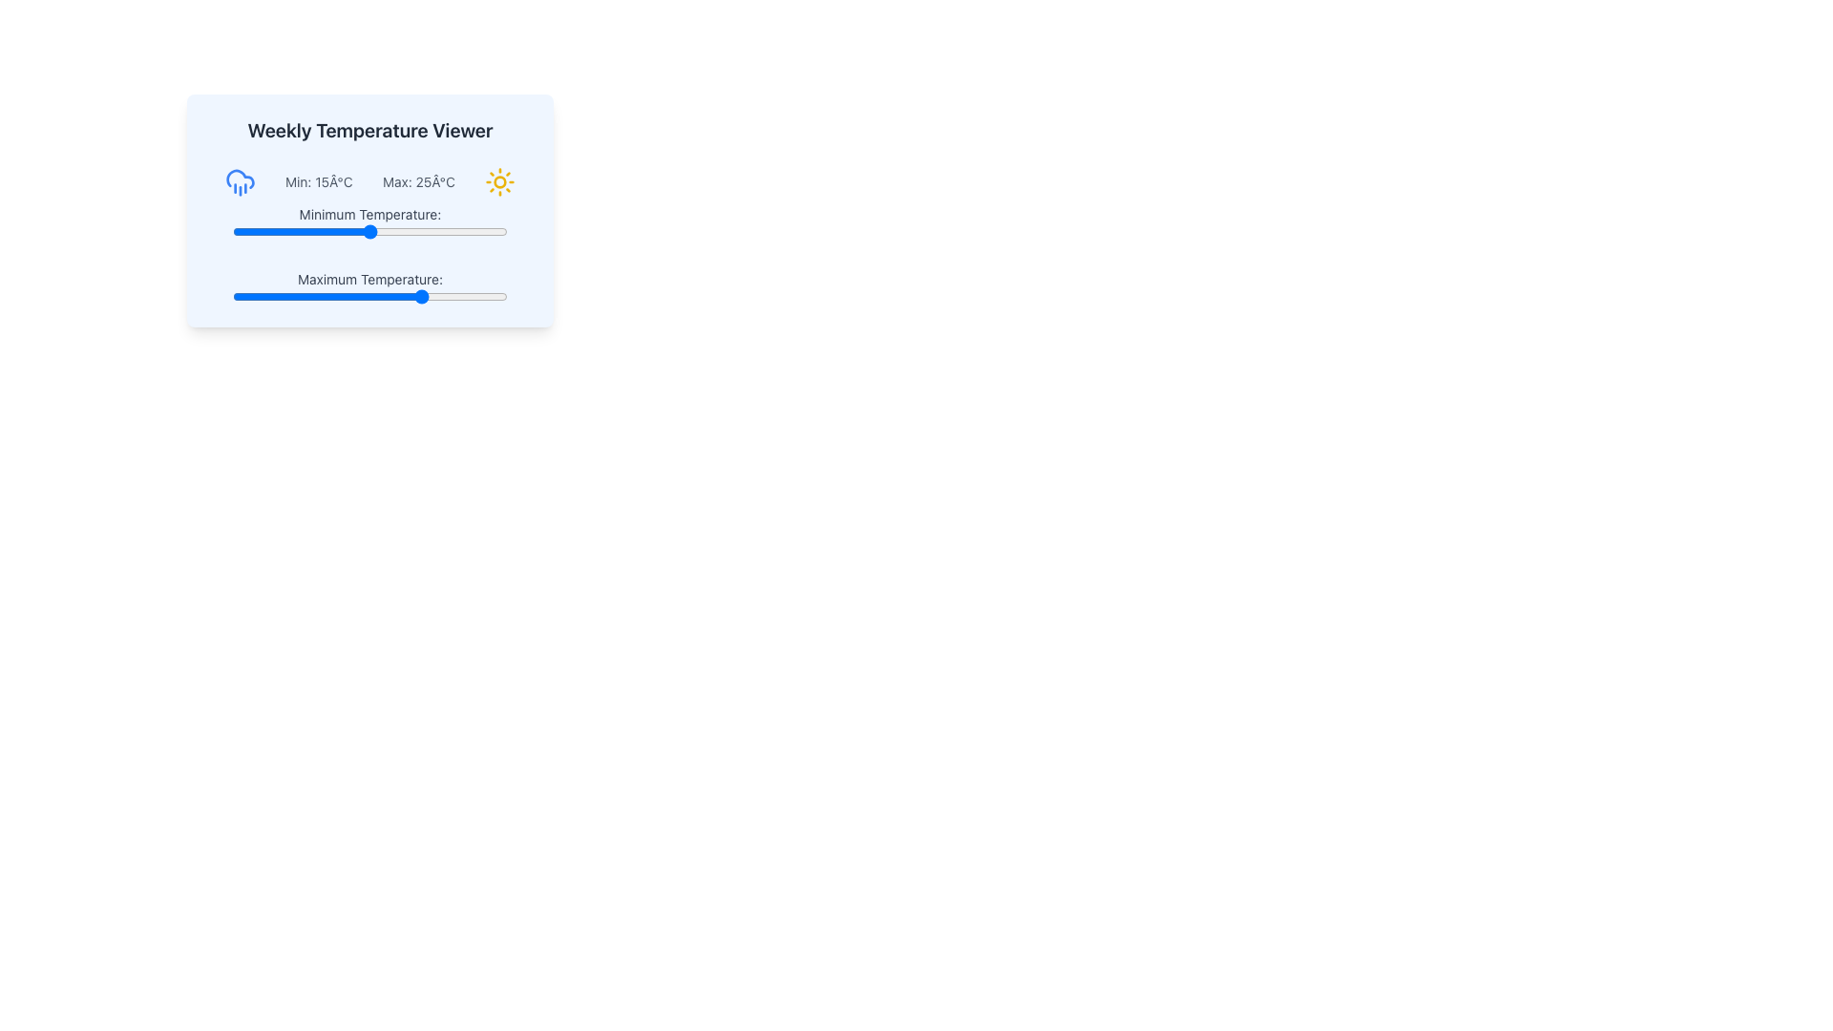  Describe the element at coordinates (319, 182) in the screenshot. I see `the text label displaying 'Min: 15°C' in gray font located in the light blue section of the interface` at that location.